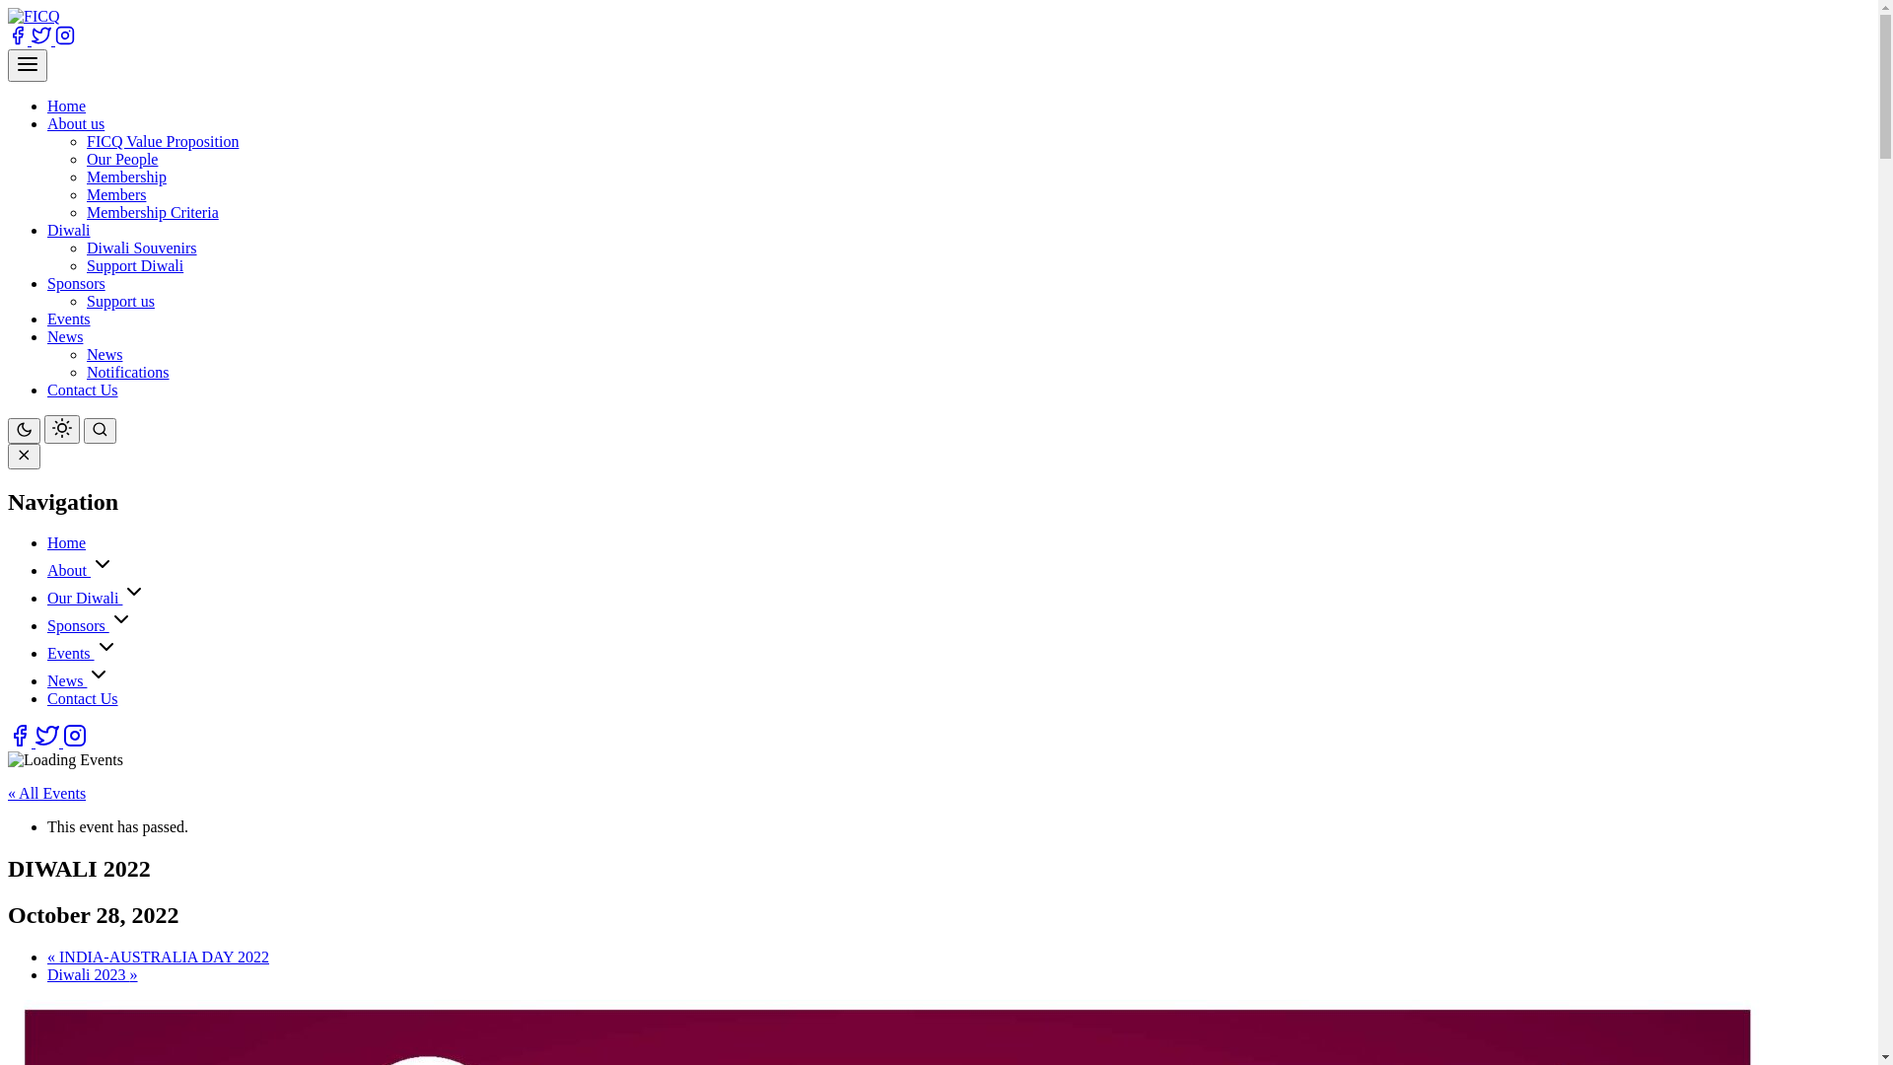 The width and height of the screenshot is (1893, 1065). Describe the element at coordinates (151, 212) in the screenshot. I see `'Membership Criteria'` at that location.